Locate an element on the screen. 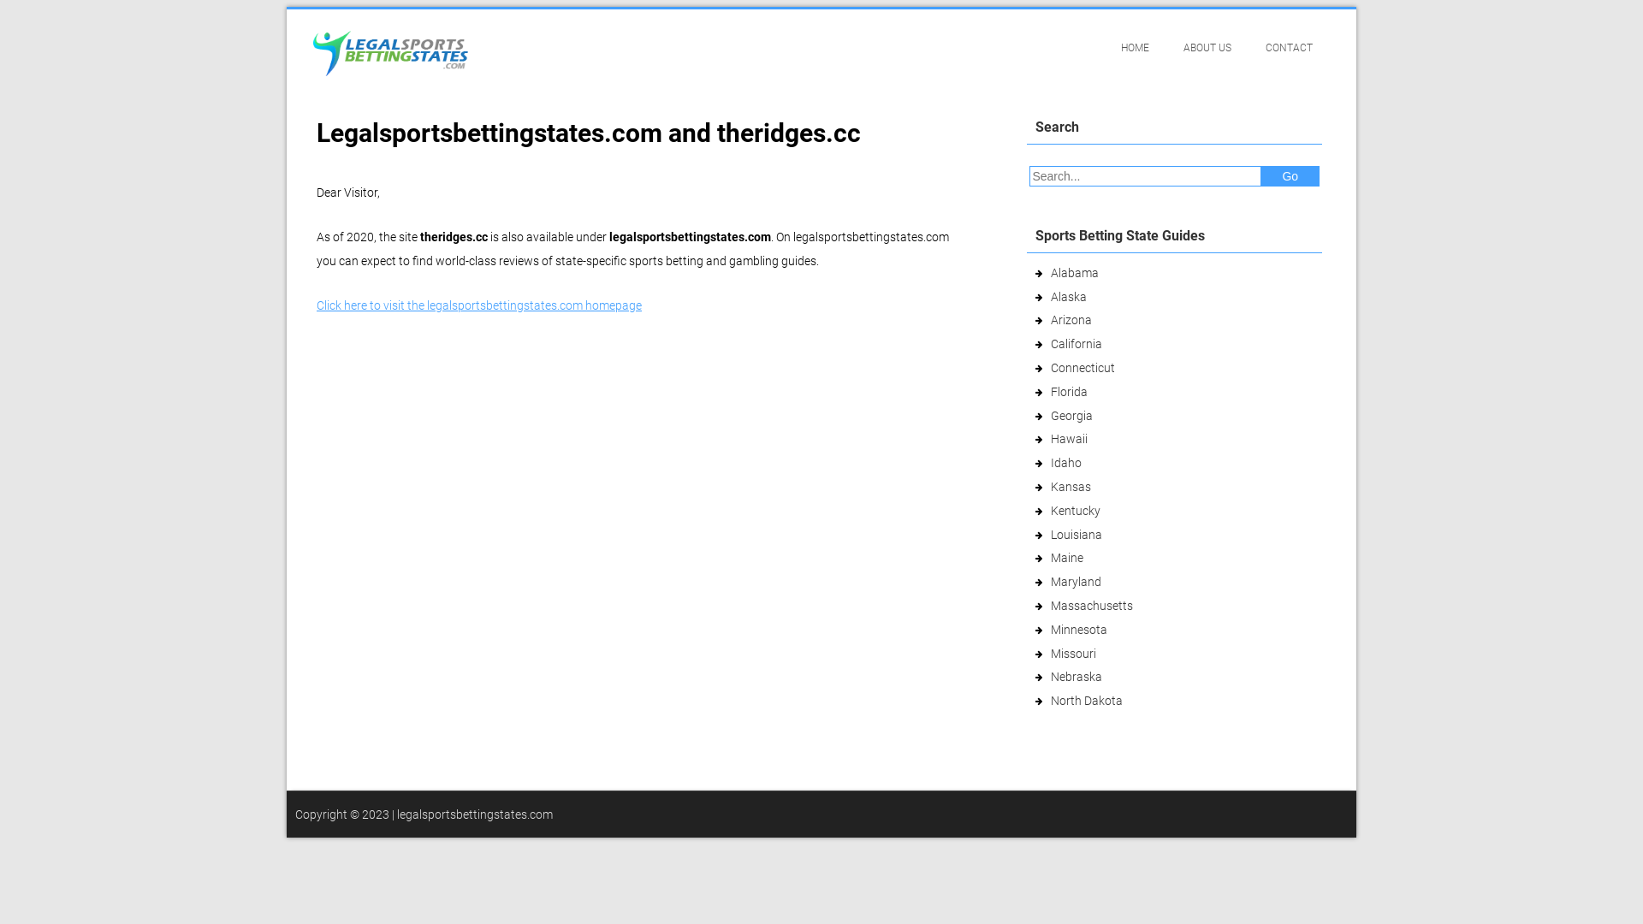 Image resolution: width=1643 pixels, height=924 pixels. 'Connecticut' is located at coordinates (1082, 366).